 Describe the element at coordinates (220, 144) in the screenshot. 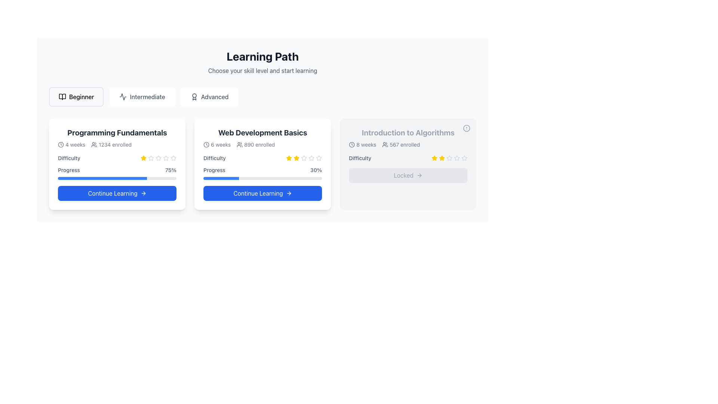

I see `the text label displaying '6 weeks' located on the second card labeled 'Web Development Basics', positioned at the top-left after a clock icon` at that location.